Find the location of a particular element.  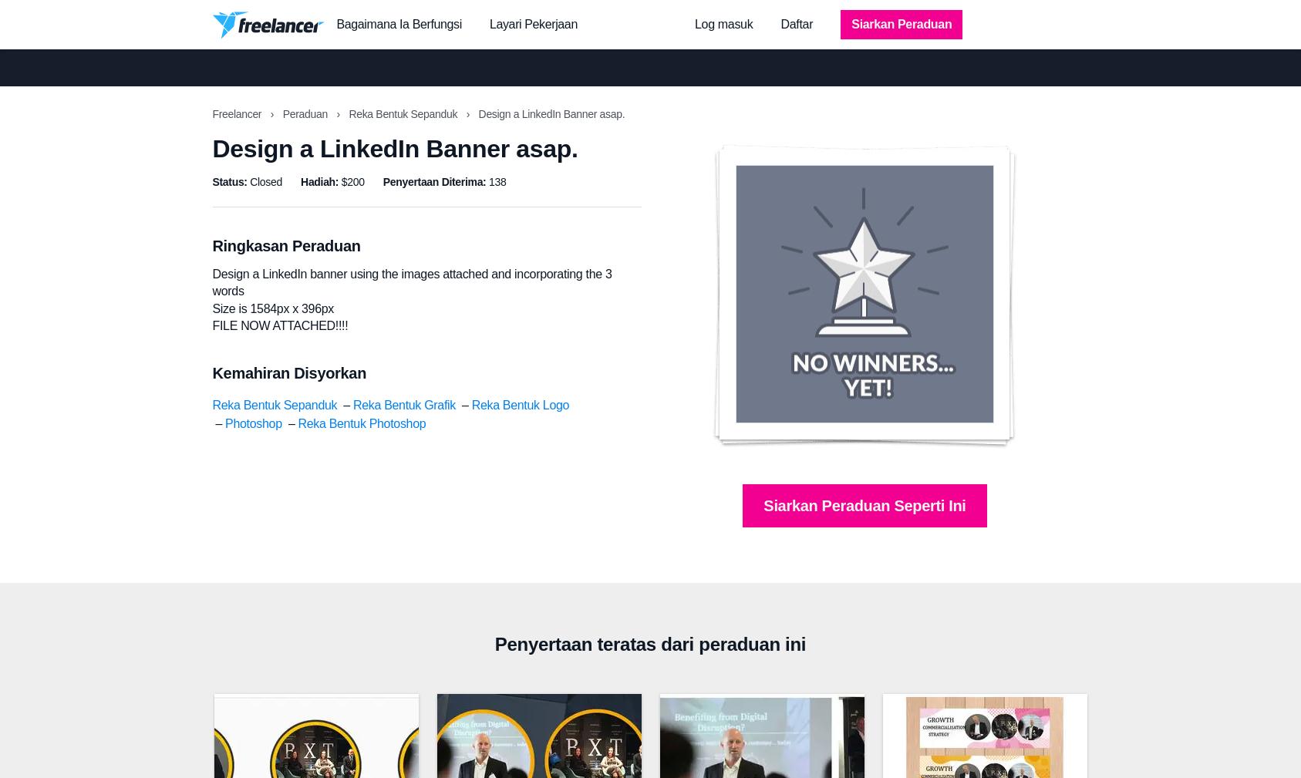

'Size is 1584px x 396px' is located at coordinates (271, 307).